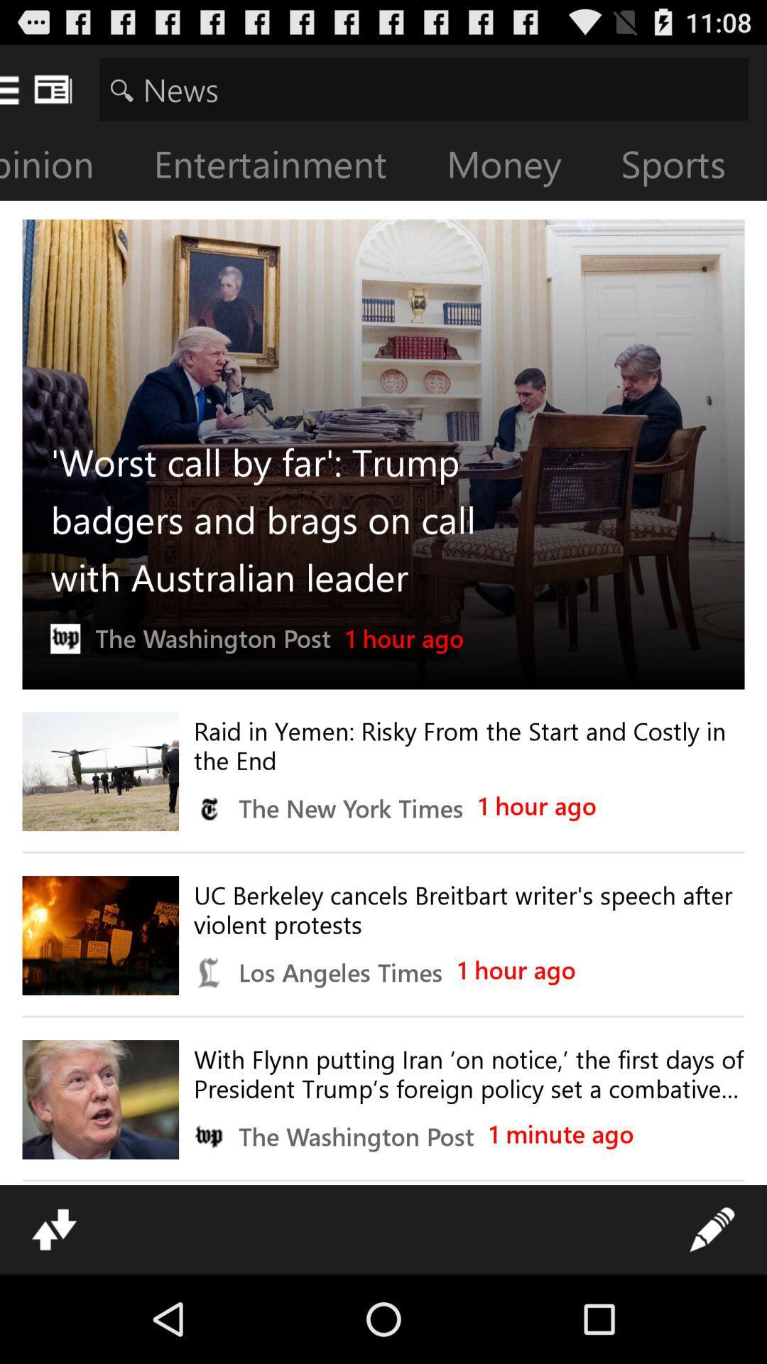 This screenshot has height=1364, width=767. Describe the element at coordinates (423, 88) in the screenshot. I see `search` at that location.